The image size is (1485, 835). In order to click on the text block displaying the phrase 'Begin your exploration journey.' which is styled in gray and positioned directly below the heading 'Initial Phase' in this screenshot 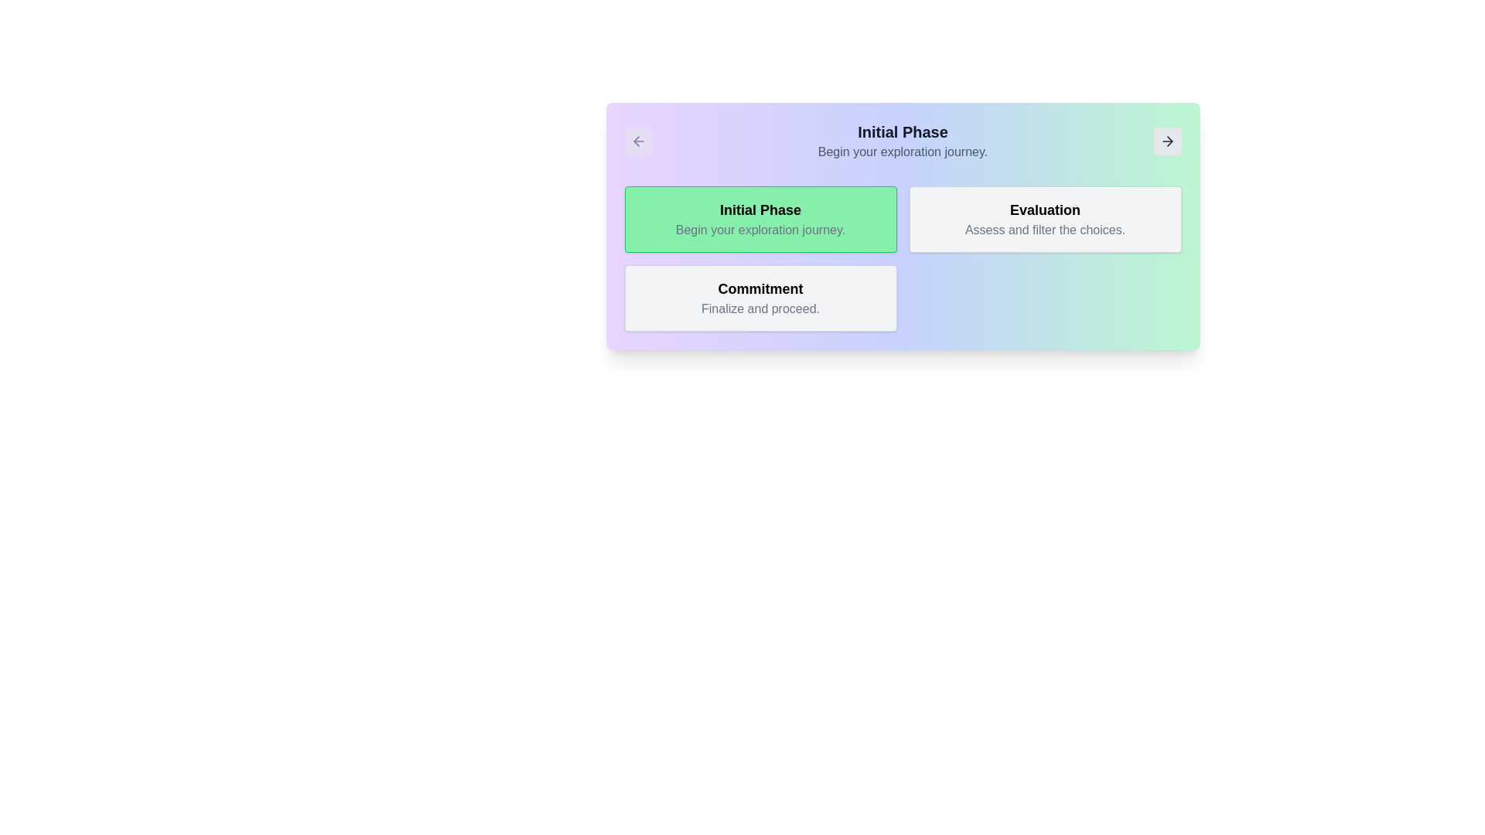, I will do `click(903, 152)`.